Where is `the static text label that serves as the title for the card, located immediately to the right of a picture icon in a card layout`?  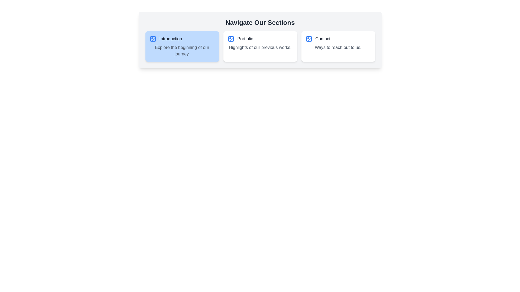
the static text label that serves as the title for the card, located immediately to the right of a picture icon in a card layout is located at coordinates (170, 38).